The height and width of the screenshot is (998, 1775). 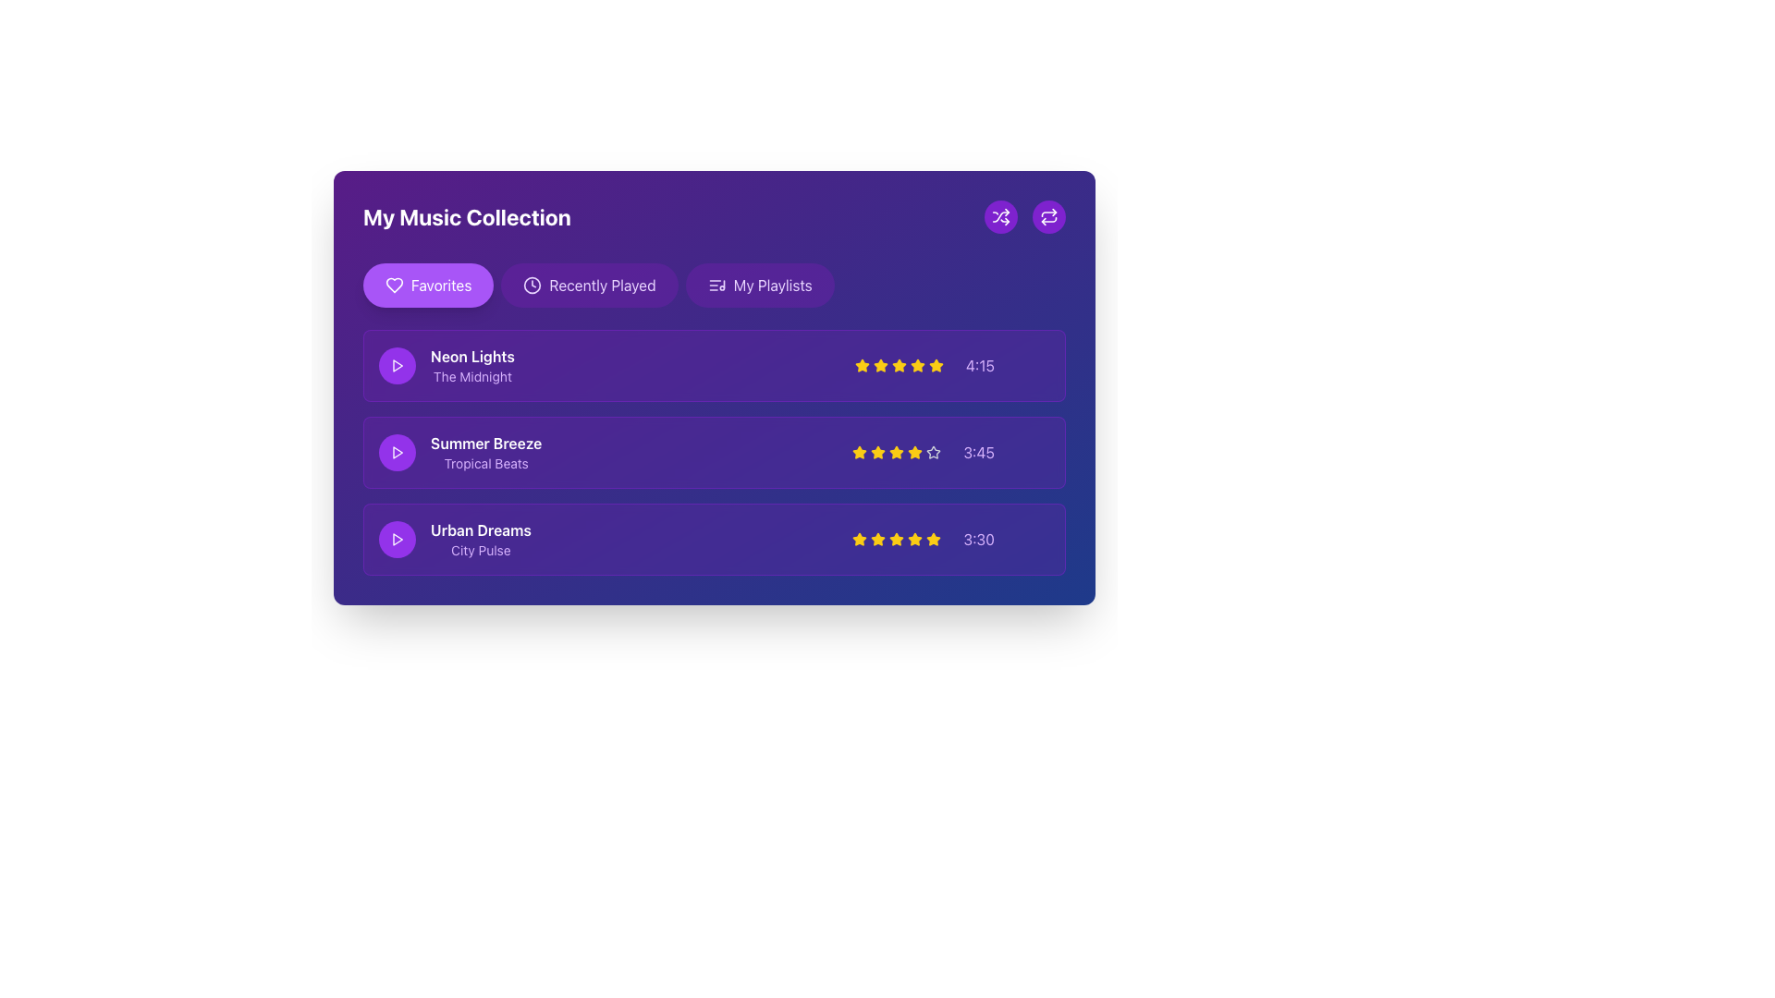 I want to click on the first star icon in the rating system located on the right side of the first music list entry in the 'My Music Collection' section to provide a rating, so click(x=936, y=365).